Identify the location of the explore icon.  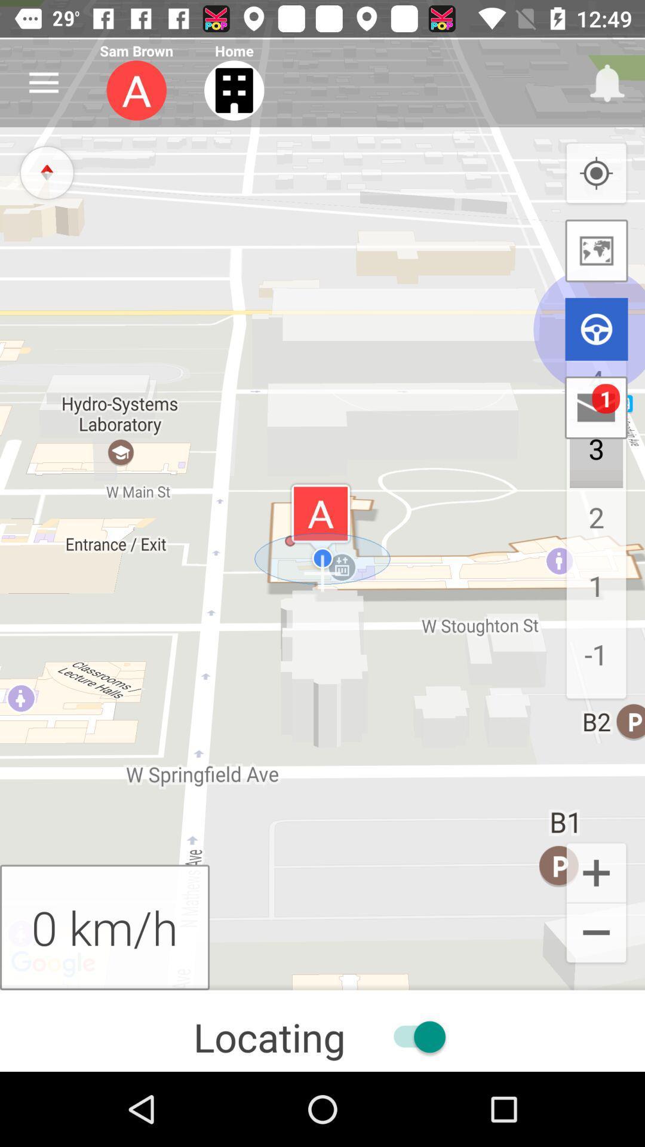
(46, 171).